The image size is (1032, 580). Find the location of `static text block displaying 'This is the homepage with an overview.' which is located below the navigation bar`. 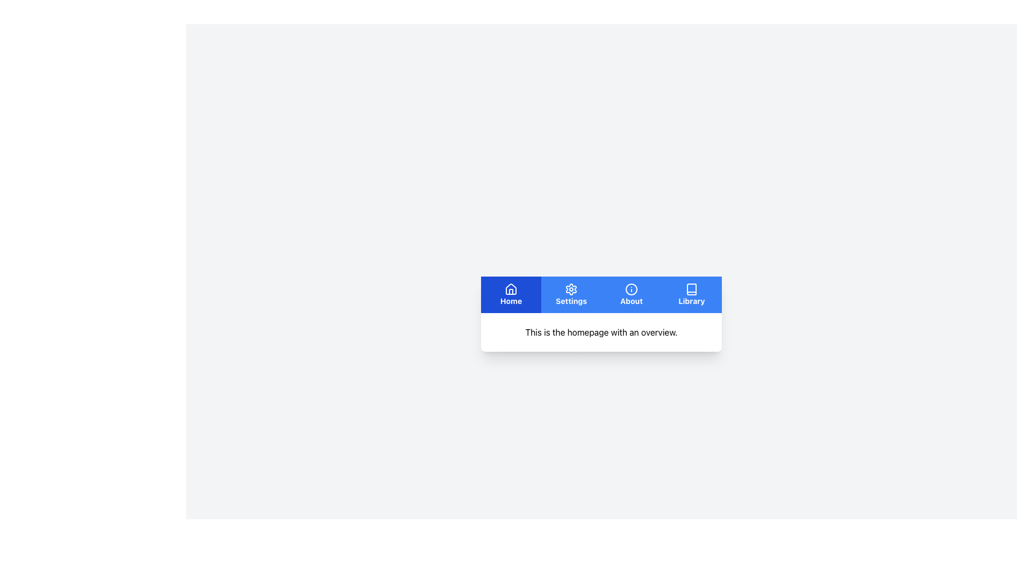

static text block displaying 'This is the homepage with an overview.' which is located below the navigation bar is located at coordinates (600, 331).